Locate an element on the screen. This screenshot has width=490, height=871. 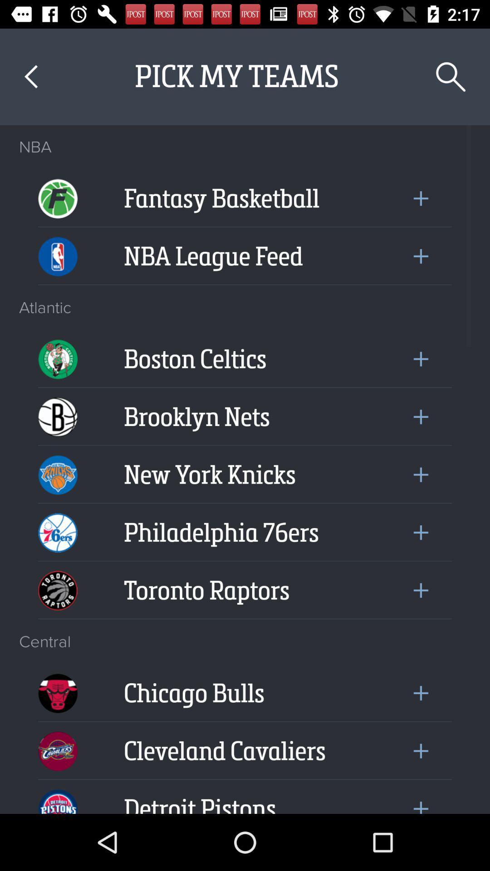
the 76ers is located at coordinates (58, 526).